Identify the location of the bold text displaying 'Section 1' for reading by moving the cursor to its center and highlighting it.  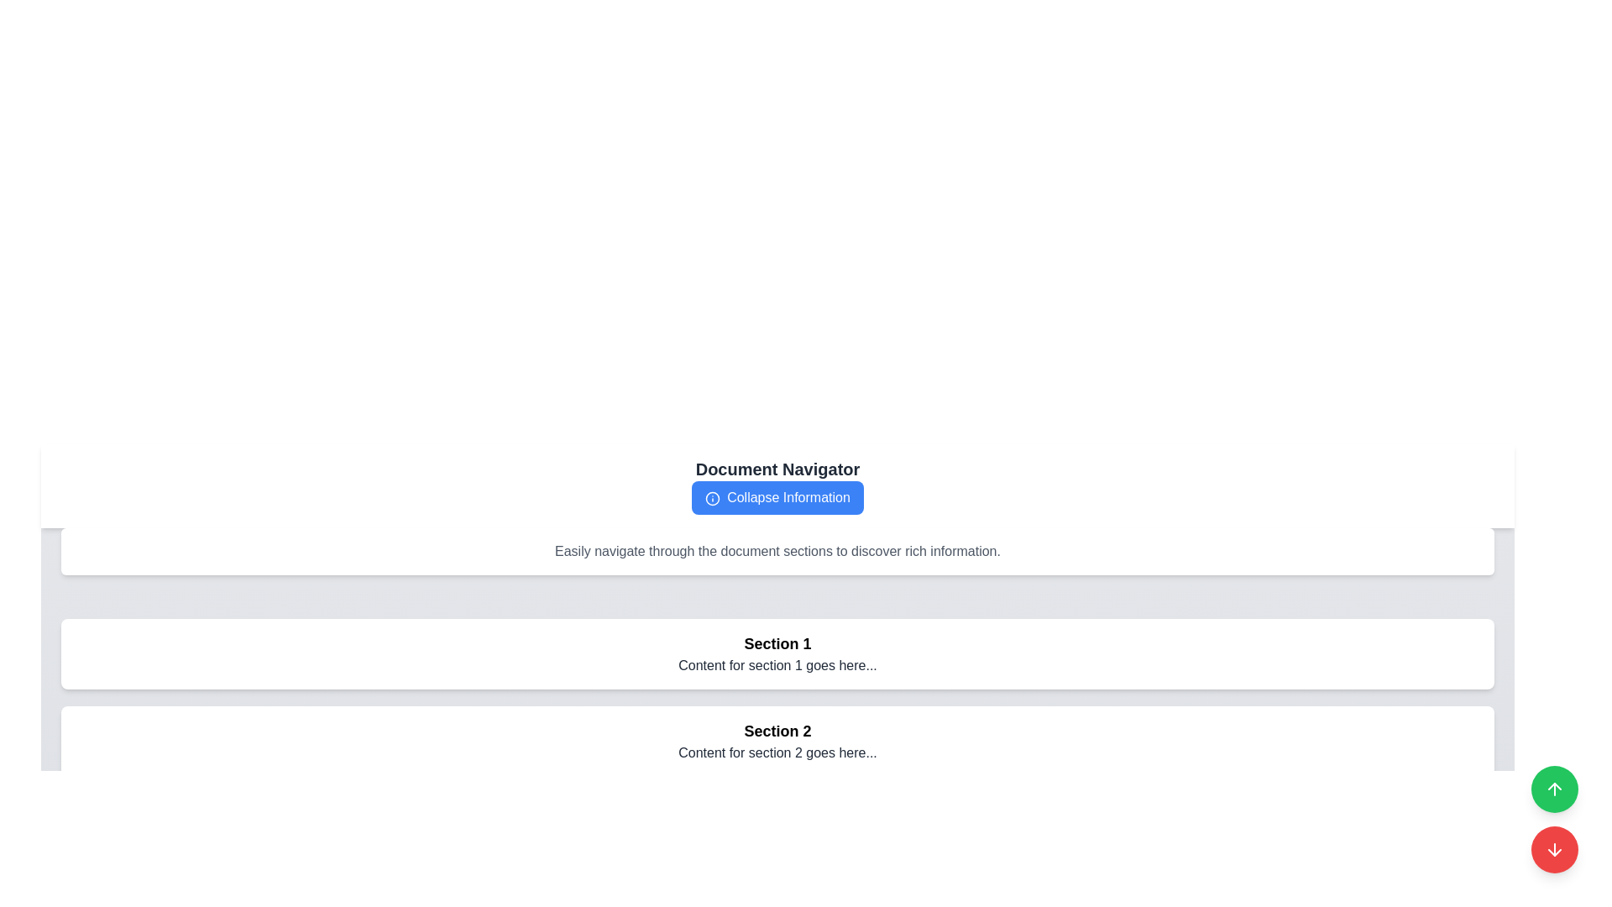
(777, 643).